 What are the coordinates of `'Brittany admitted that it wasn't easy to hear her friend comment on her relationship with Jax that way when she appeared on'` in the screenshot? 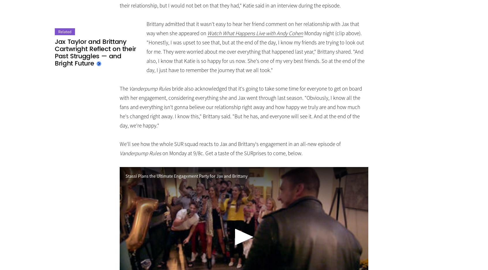 It's located at (146, 28).